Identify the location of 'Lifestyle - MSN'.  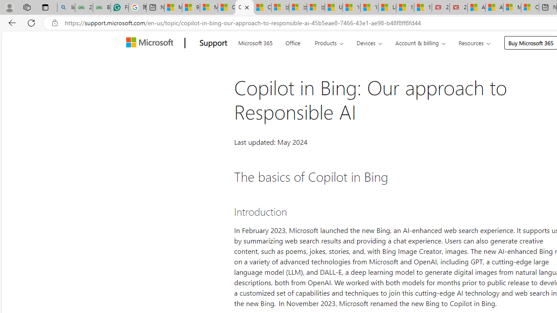
(387, 7).